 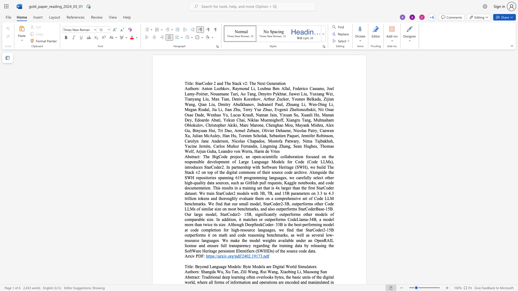 What do you see at coordinates (207, 83) in the screenshot?
I see `the space between the continuous character "o" and "d" in the text` at bounding box center [207, 83].